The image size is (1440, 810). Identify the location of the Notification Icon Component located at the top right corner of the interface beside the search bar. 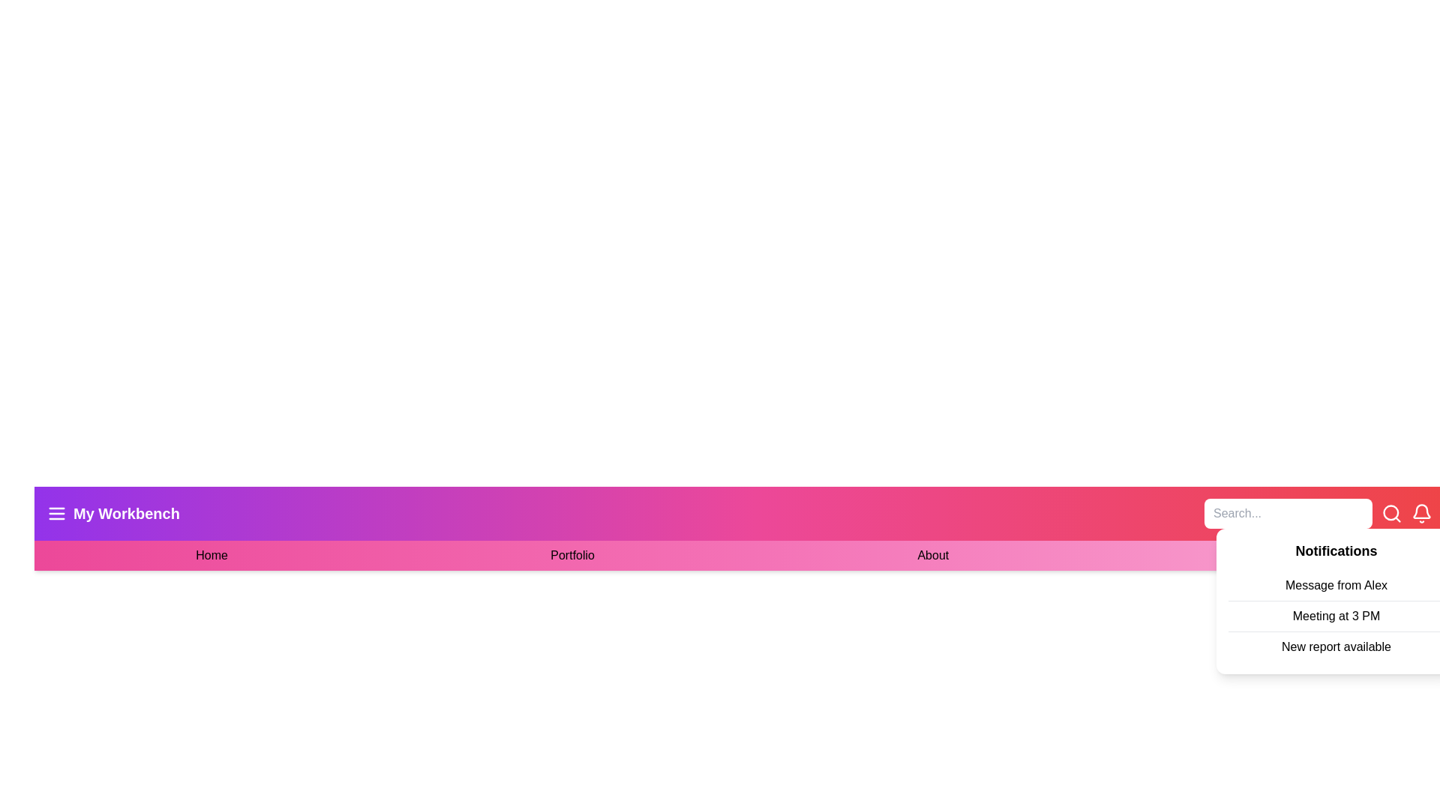
(1421, 511).